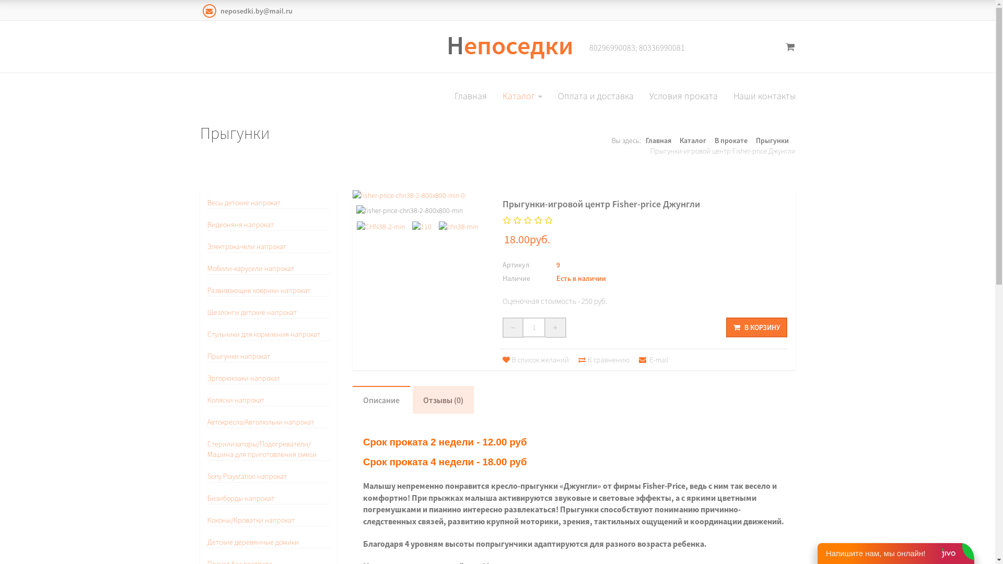  What do you see at coordinates (555, 327) in the screenshot?
I see `'+'` at bounding box center [555, 327].